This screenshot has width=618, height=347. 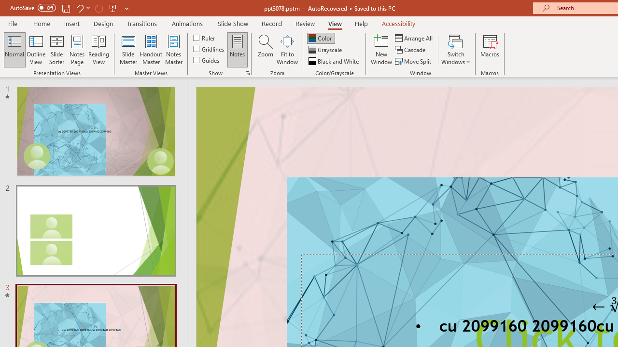 I want to click on 'Macros', so click(x=490, y=50).